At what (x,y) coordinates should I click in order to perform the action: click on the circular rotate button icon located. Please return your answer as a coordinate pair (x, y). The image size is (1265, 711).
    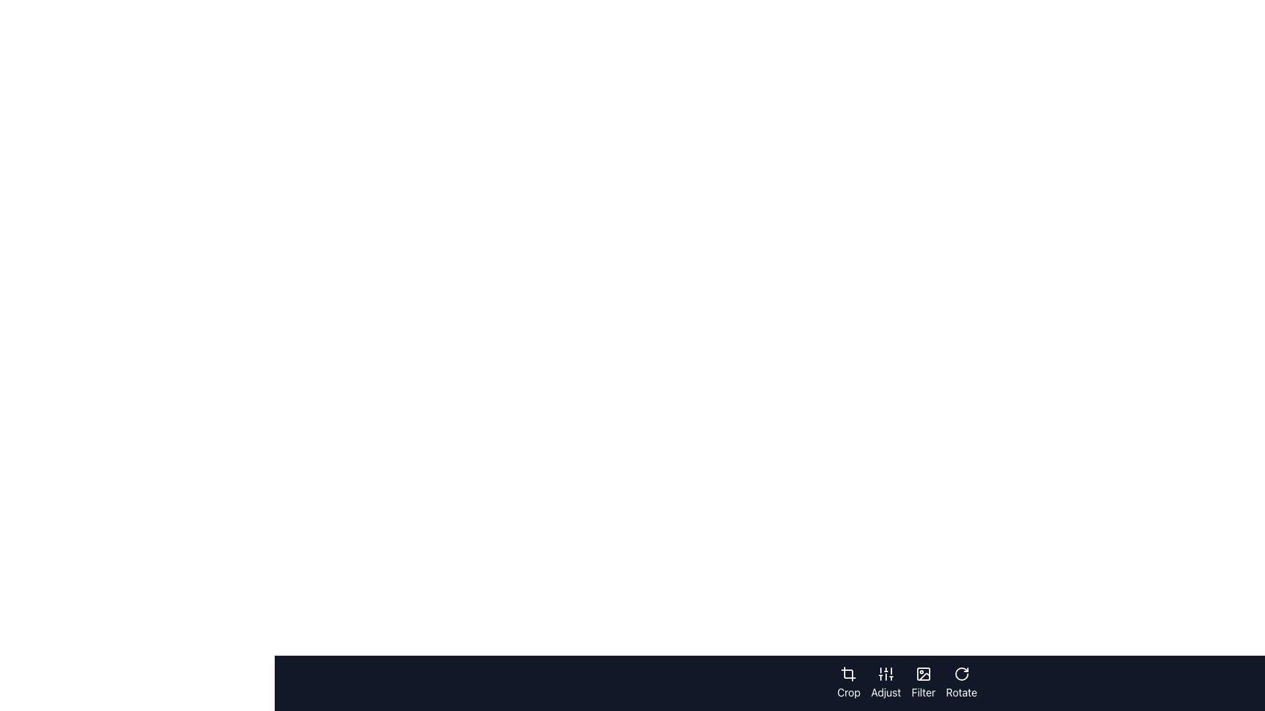
    Looking at the image, I should click on (961, 673).